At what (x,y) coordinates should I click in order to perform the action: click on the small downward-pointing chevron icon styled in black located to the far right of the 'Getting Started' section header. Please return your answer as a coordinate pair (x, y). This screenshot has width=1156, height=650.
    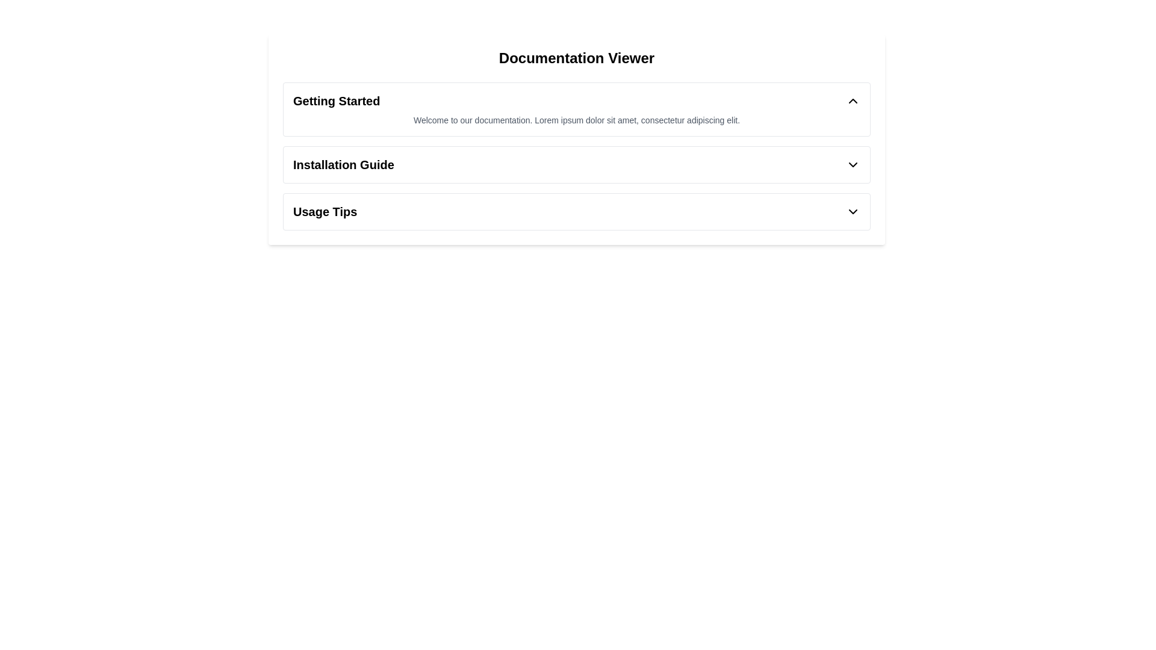
    Looking at the image, I should click on (852, 101).